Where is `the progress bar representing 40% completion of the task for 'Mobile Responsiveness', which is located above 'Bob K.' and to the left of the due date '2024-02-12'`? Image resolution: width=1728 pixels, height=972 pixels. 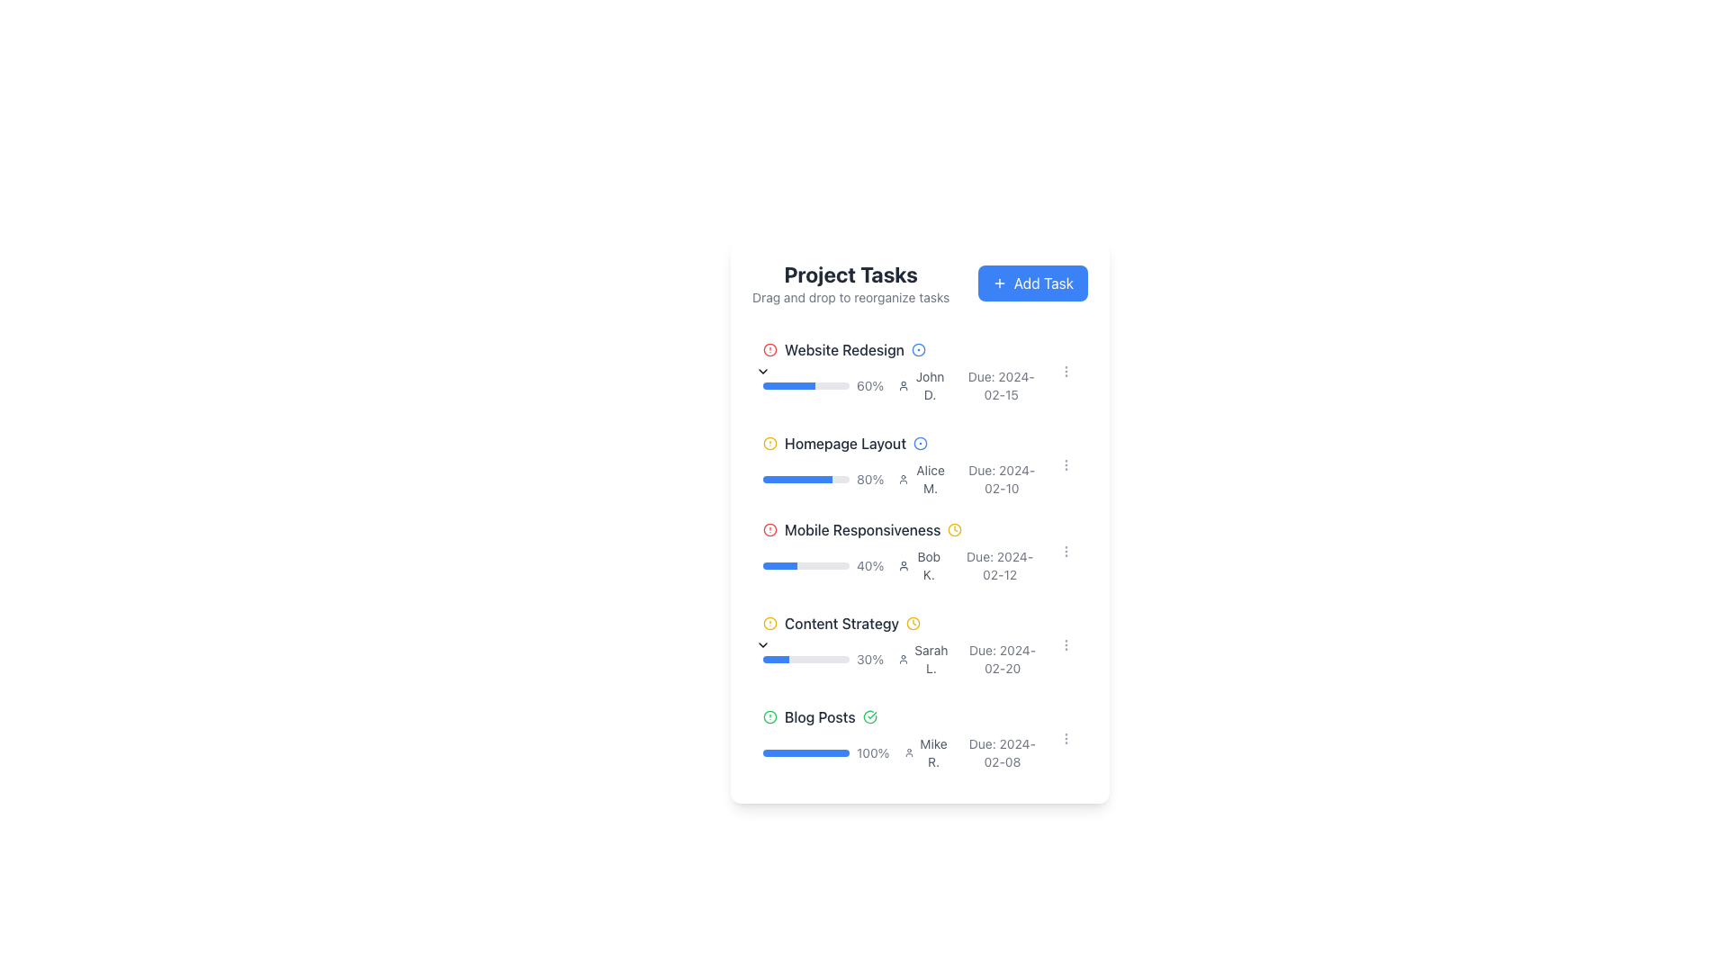
the progress bar representing 40% completion of the task for 'Mobile Responsiveness', which is located above 'Bob K.' and to the left of the due date '2024-02-12' is located at coordinates (823, 564).